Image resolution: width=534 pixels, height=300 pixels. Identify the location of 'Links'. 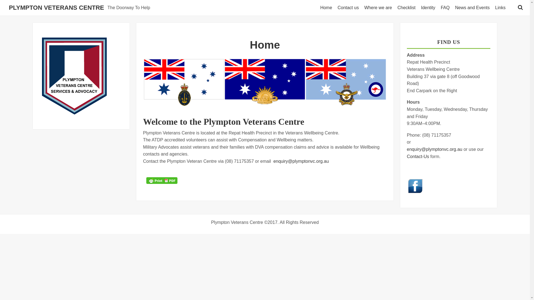
(501, 7).